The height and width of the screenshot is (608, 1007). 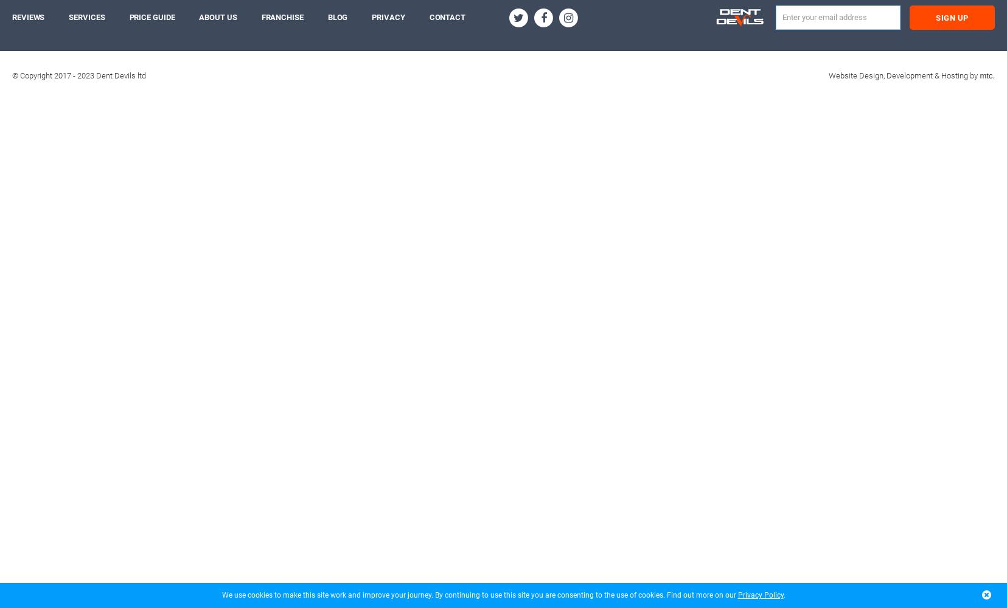 I want to click on 'We use cookies to make this site work and improve your journey.
            By continuing to use this site you are consenting to the use of cookies.
            Find out more on our', so click(x=478, y=595).